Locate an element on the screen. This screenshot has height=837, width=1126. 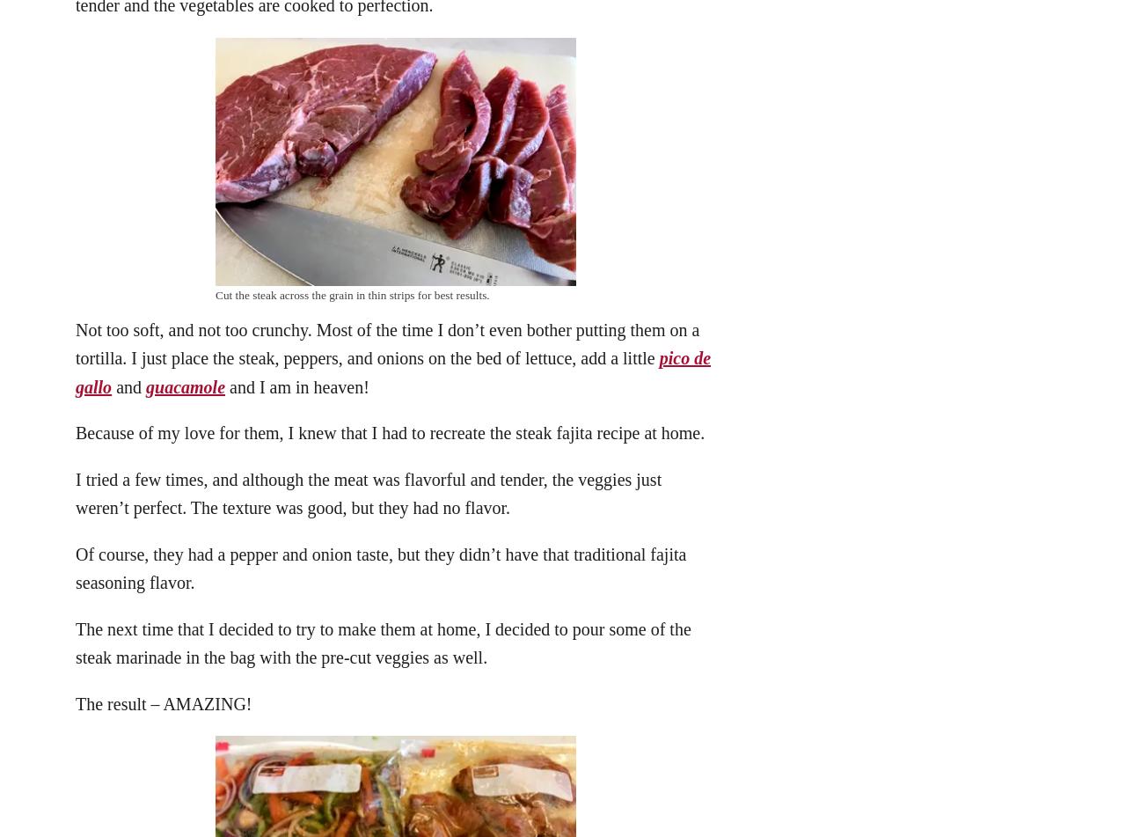
'Cut the steak across the grain in thin strips for best results.' is located at coordinates (352, 294).